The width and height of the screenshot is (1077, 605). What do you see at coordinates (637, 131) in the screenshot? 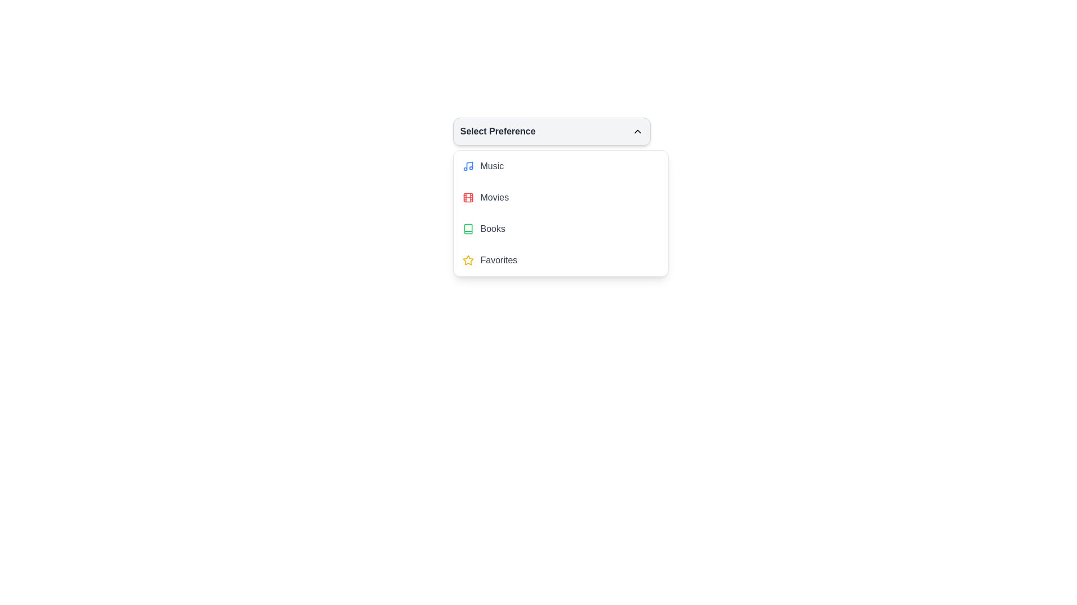
I see `the upward-pointing chevron icon located on the right side of the 'Select Preference' title` at bounding box center [637, 131].